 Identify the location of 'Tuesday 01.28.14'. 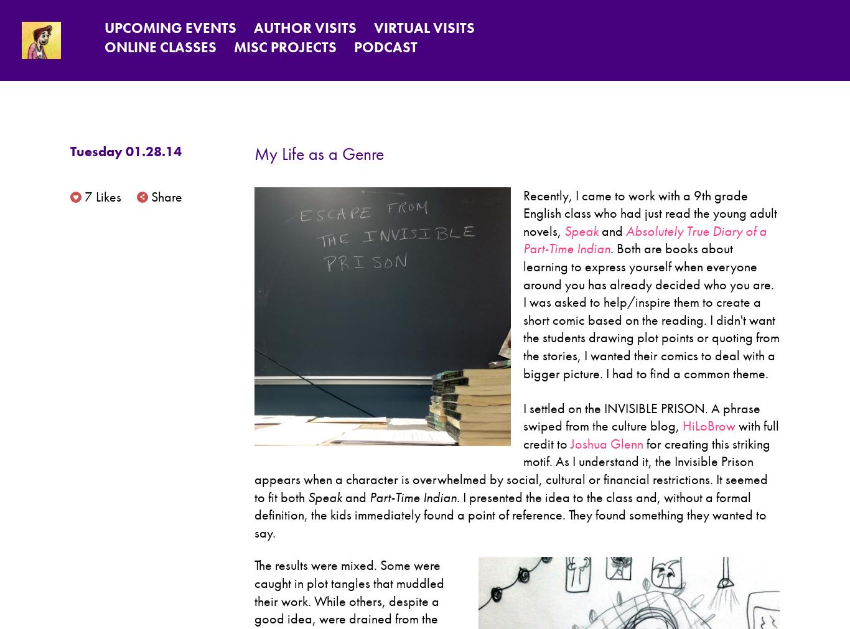
(125, 151).